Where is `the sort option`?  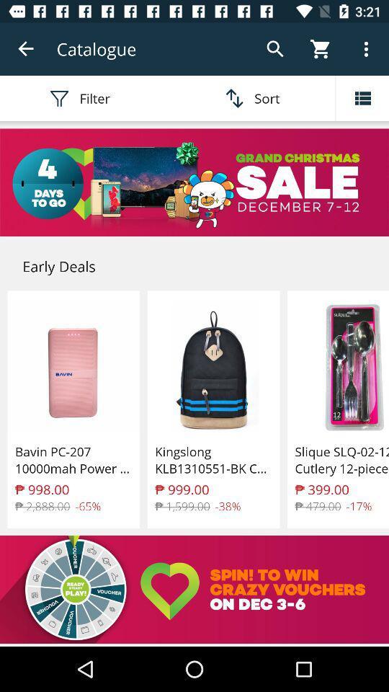
the sort option is located at coordinates (251, 97).